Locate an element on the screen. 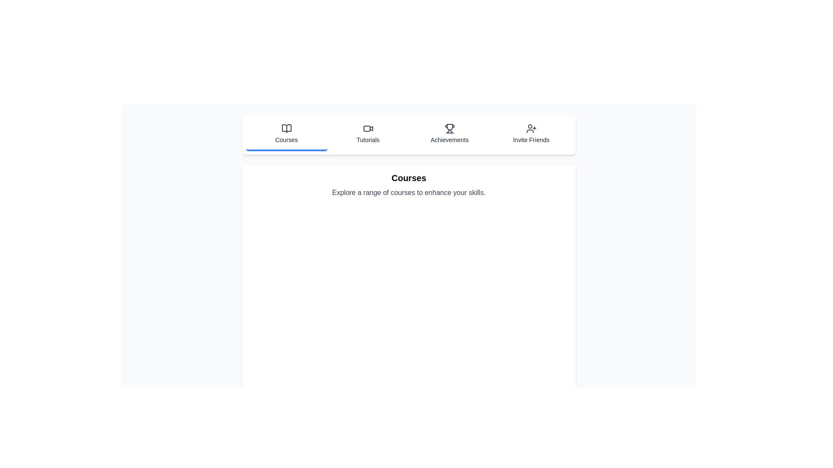 The width and height of the screenshot is (833, 468). the 'Achievements' button, which is a vertically aligned rectangular button with a trophy icon and text is located at coordinates (449, 135).